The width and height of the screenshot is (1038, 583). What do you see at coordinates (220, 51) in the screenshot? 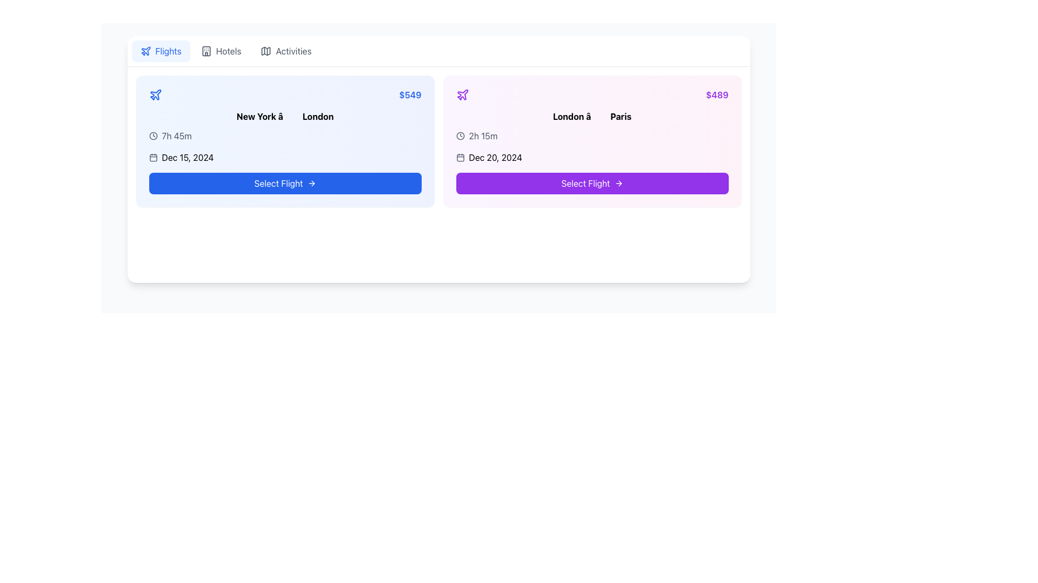
I see `the 'Hotels' button, which is a rectangular button with rounded edges and a building icon` at bounding box center [220, 51].